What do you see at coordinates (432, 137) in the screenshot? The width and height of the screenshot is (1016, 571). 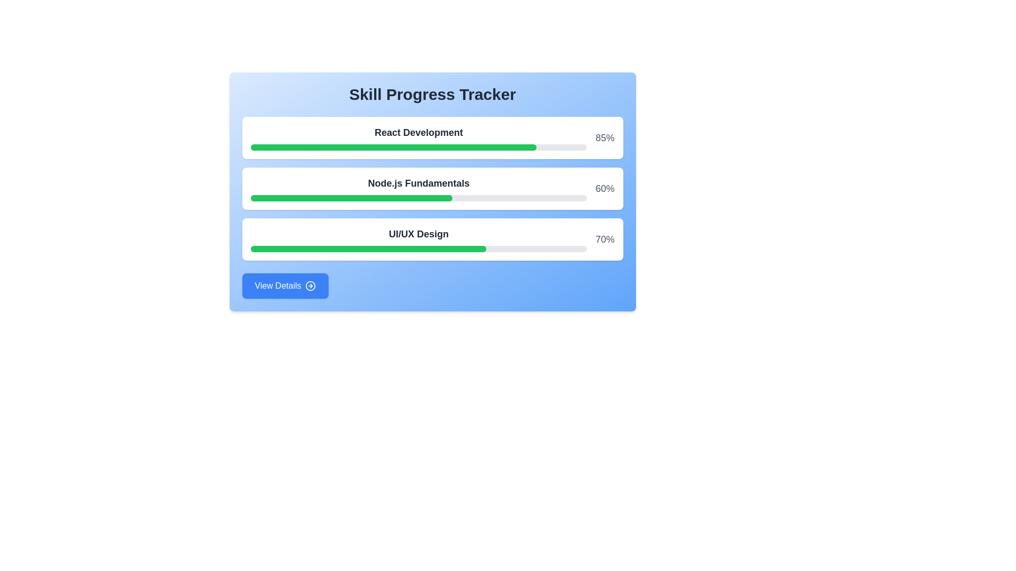 I see `the Progress bar displaying 'React Development' with a 85% completion indicator, located at the top of the list` at bounding box center [432, 137].